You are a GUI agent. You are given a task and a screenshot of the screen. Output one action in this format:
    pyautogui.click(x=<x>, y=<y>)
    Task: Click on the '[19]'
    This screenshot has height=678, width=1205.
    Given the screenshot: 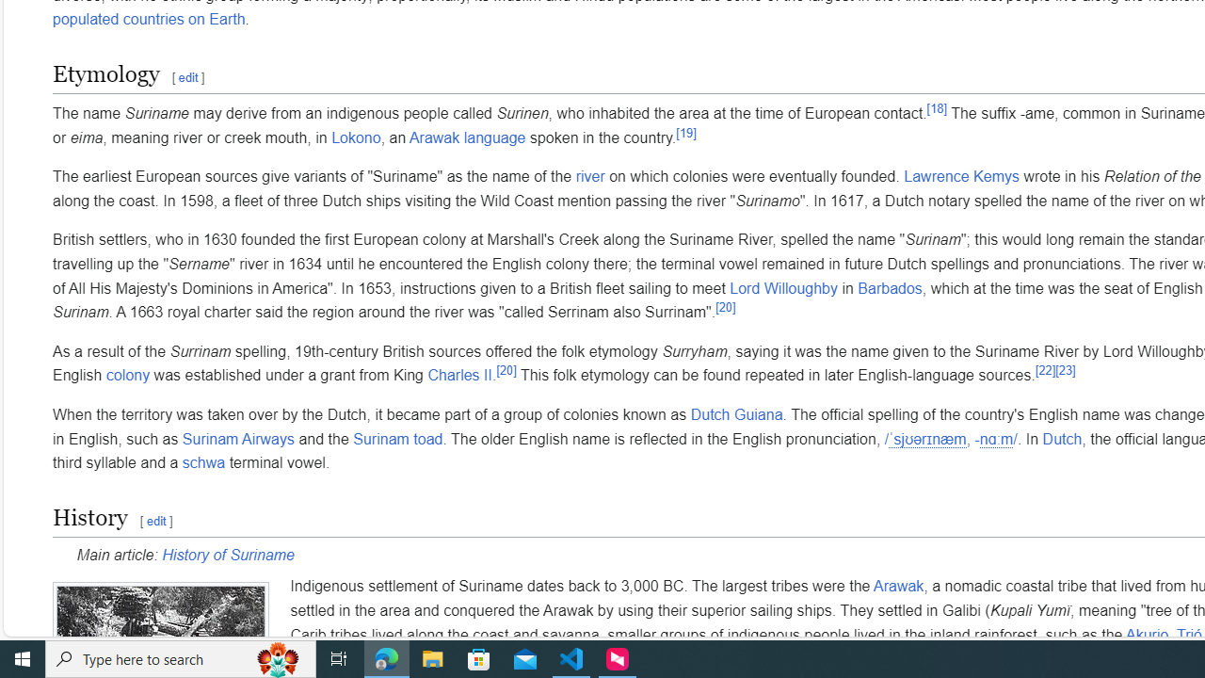 What is the action you would take?
    pyautogui.click(x=684, y=132)
    